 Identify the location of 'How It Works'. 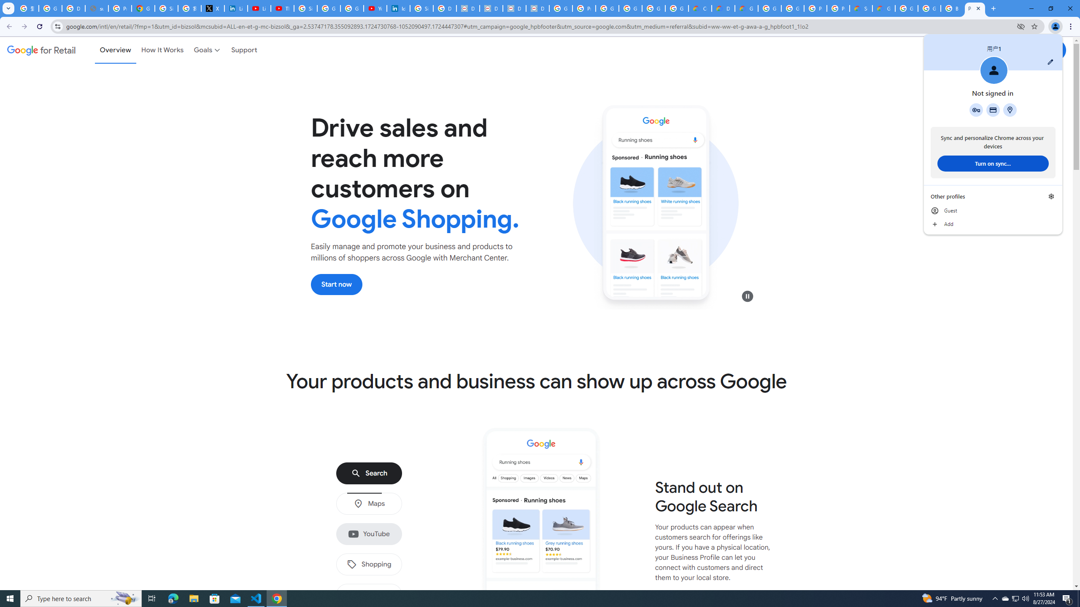
(162, 50).